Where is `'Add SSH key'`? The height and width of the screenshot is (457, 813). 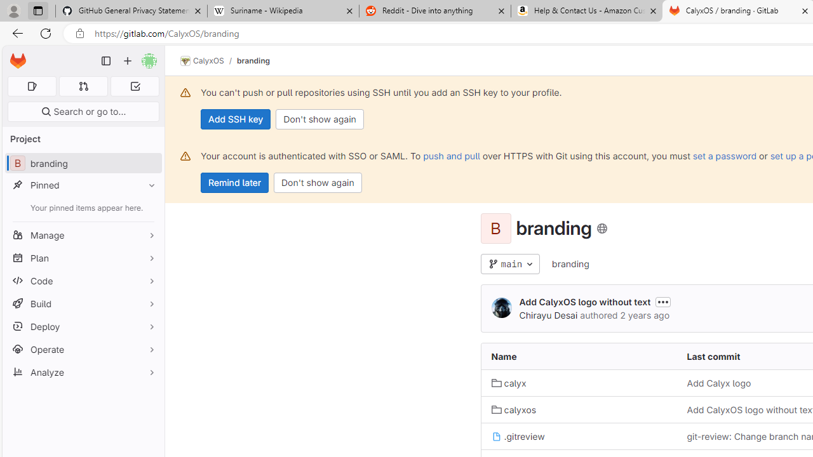 'Add SSH key' is located at coordinates (236, 119).